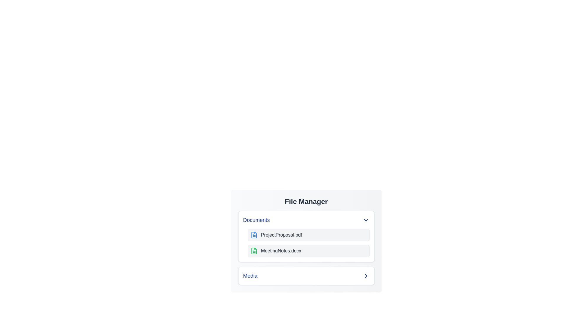 This screenshot has width=564, height=317. Describe the element at coordinates (308, 235) in the screenshot. I see `the file ProjectProposal.pdf to observe hover effects` at that location.